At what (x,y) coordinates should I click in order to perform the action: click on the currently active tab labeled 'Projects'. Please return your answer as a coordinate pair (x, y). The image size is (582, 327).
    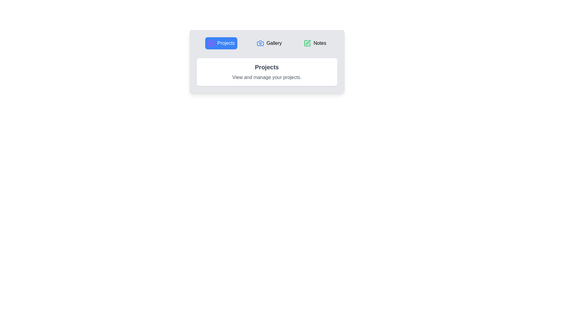
    Looking at the image, I should click on (221, 43).